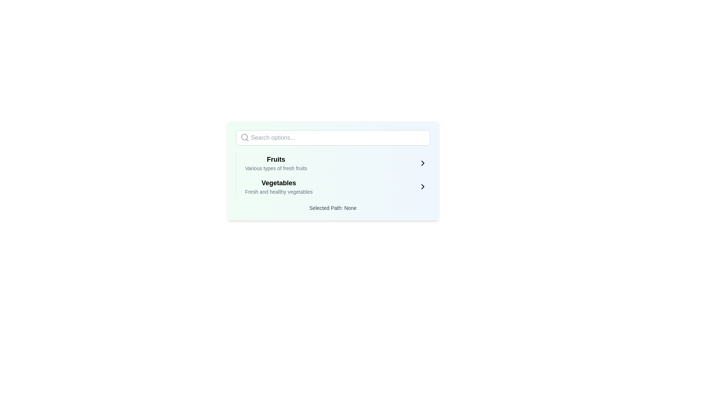  Describe the element at coordinates (275, 168) in the screenshot. I see `the descriptive text label located below the 'Fruits' heading, which provides additional information about the category` at that location.